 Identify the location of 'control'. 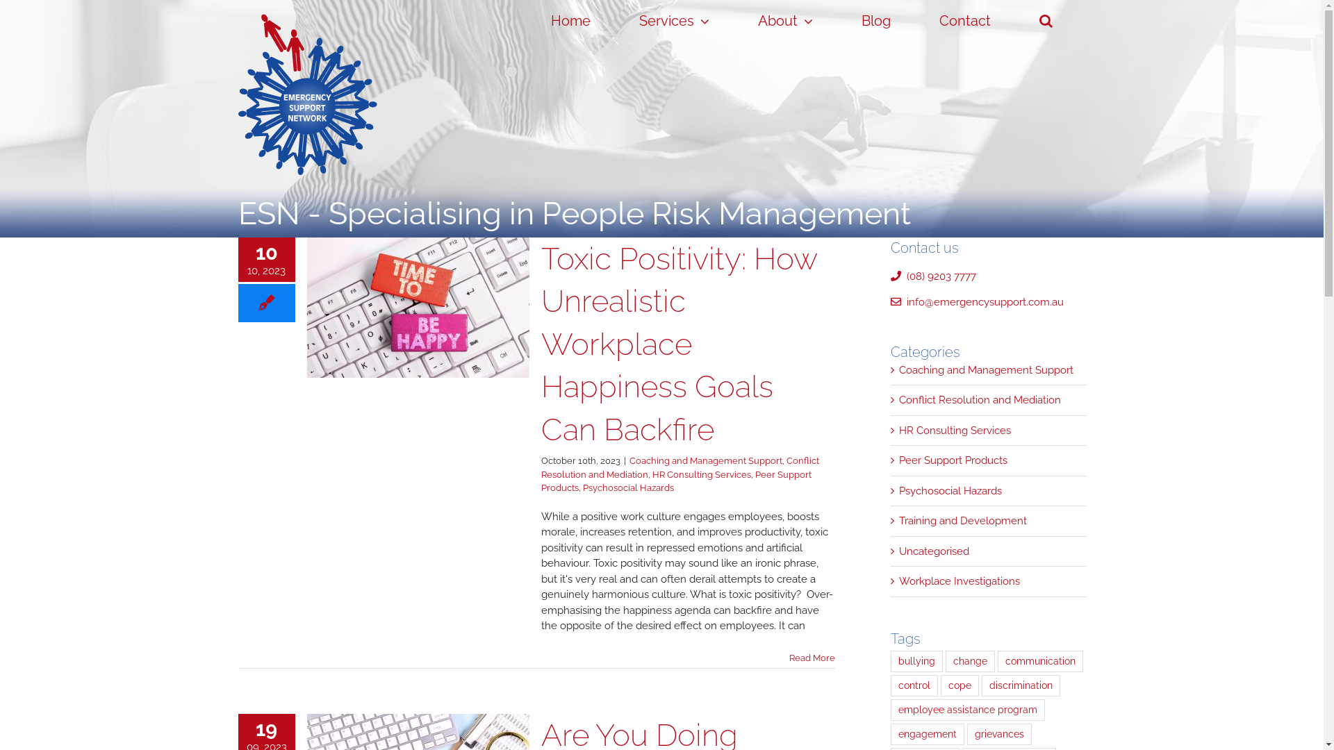
(890, 685).